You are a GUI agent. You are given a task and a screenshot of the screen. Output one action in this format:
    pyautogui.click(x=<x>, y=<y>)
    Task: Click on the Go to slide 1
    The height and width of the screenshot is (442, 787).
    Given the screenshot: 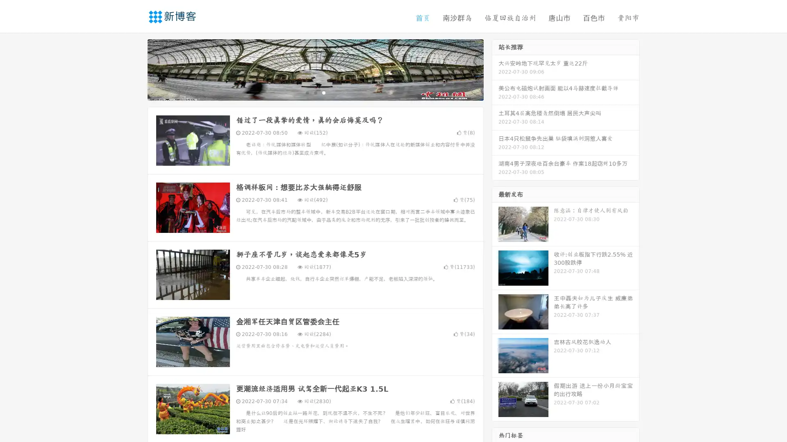 What is the action you would take?
    pyautogui.click(x=307, y=92)
    